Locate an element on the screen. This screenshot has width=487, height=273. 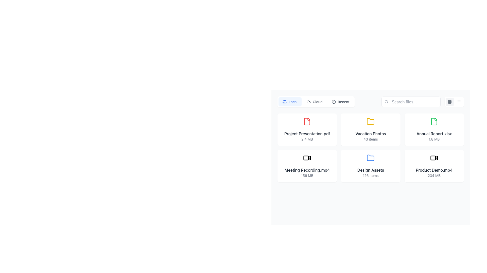
the search icon located in the top-right corner of the text input field labeled 'Search files...' is located at coordinates (386, 102).